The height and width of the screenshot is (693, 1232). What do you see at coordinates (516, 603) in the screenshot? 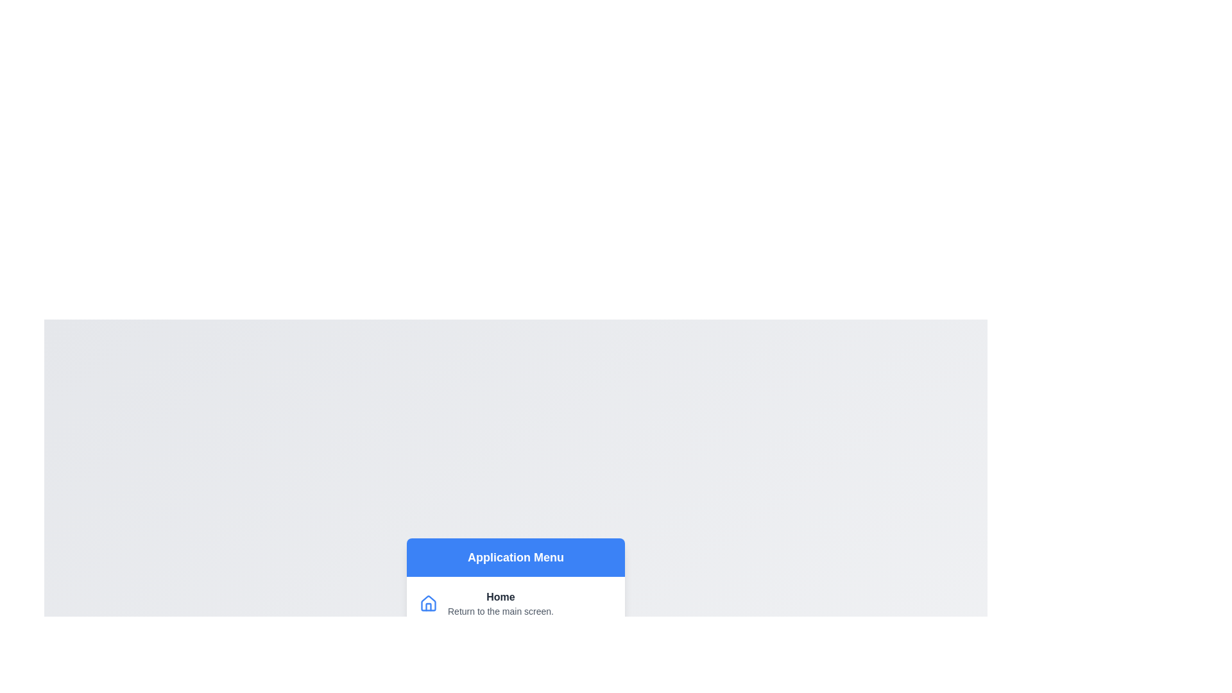
I see `the menu item labeled Home` at bounding box center [516, 603].